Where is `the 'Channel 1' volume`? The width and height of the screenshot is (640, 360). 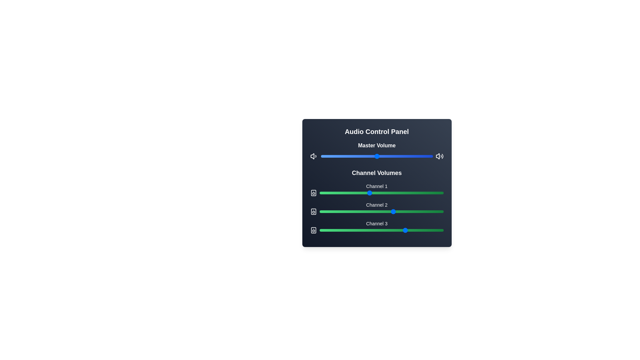 the 'Channel 1' volume is located at coordinates (323, 193).